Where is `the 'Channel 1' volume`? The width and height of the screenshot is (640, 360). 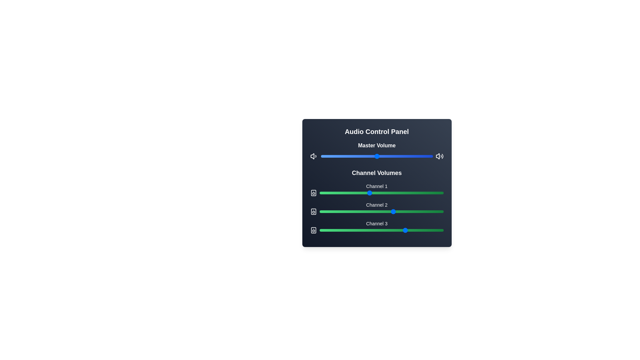 the 'Channel 1' volume is located at coordinates (323, 193).